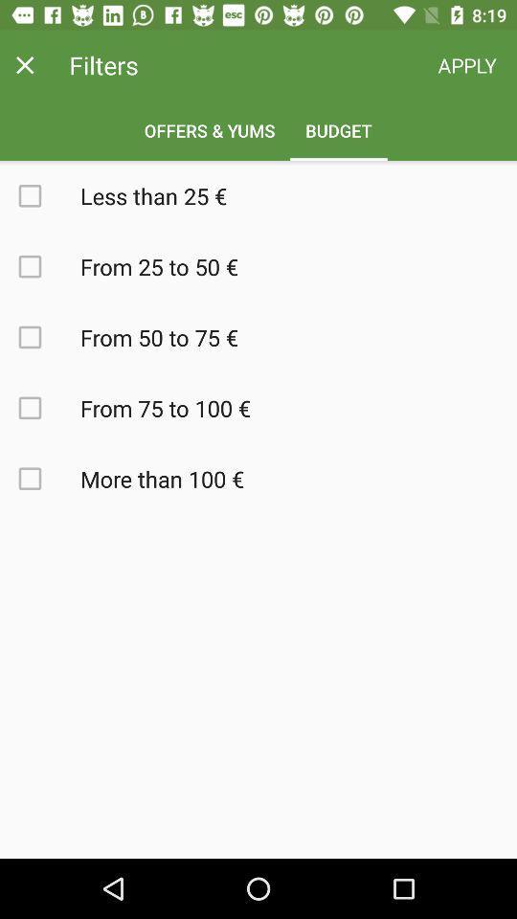 This screenshot has width=517, height=919. What do you see at coordinates (40, 408) in the screenshot?
I see `check price range` at bounding box center [40, 408].